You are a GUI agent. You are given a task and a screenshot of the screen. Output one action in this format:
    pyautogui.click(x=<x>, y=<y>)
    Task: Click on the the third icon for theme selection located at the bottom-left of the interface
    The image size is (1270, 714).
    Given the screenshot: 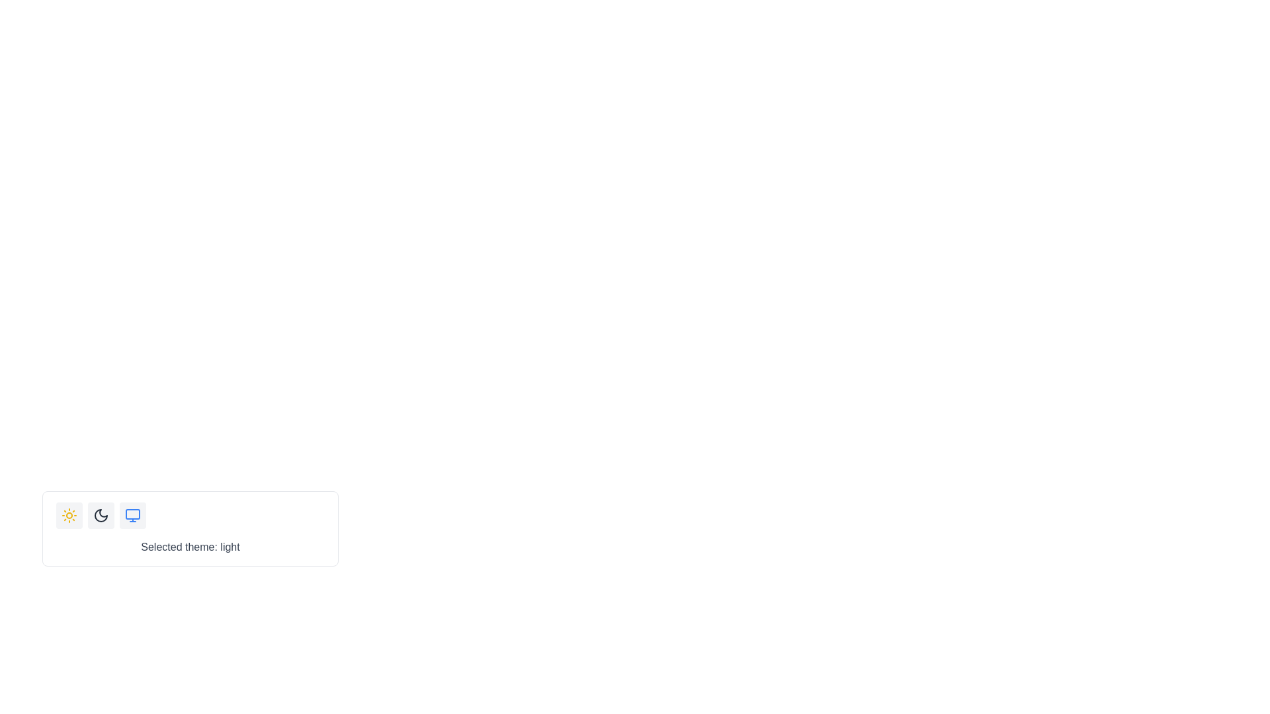 What is the action you would take?
    pyautogui.click(x=133, y=514)
    